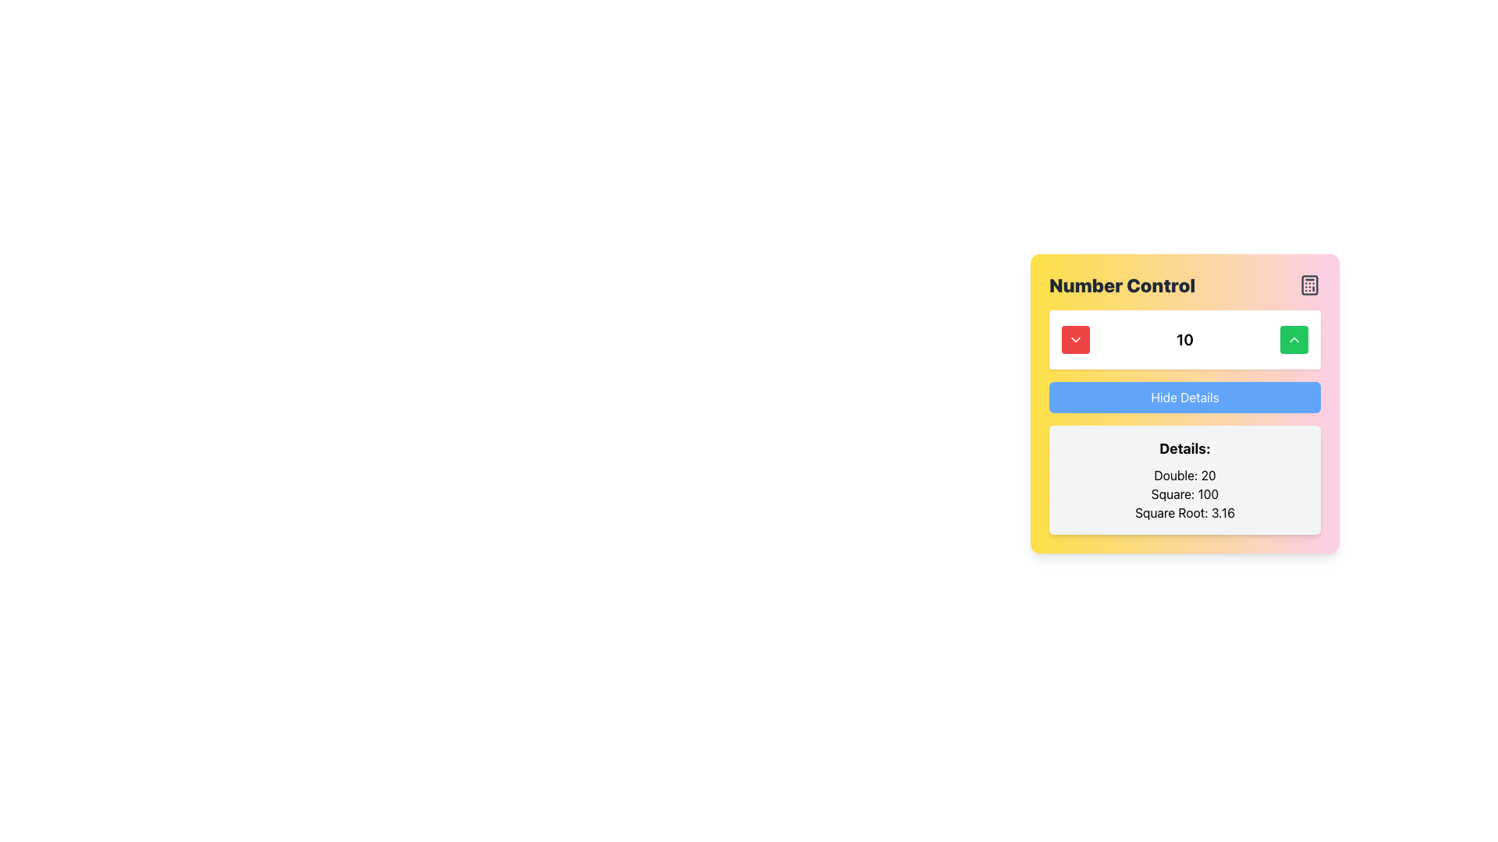 Image resolution: width=1498 pixels, height=842 pixels. I want to click on the static text element that displays the value set by the number control interface, located centrally within the rectangular control group near the top center of the 'Number Control' box, so click(1184, 338).